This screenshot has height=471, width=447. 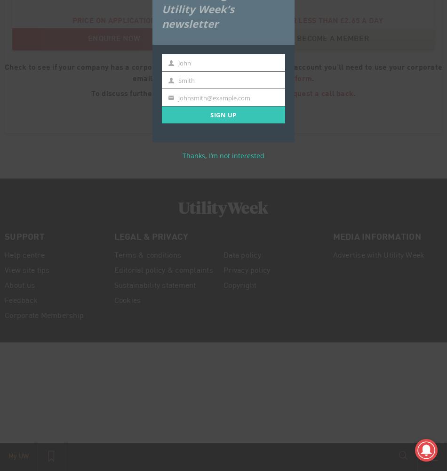 What do you see at coordinates (110, 66) in the screenshot?
I see `'Check to see if your company has a corporate membership'` at bounding box center [110, 66].